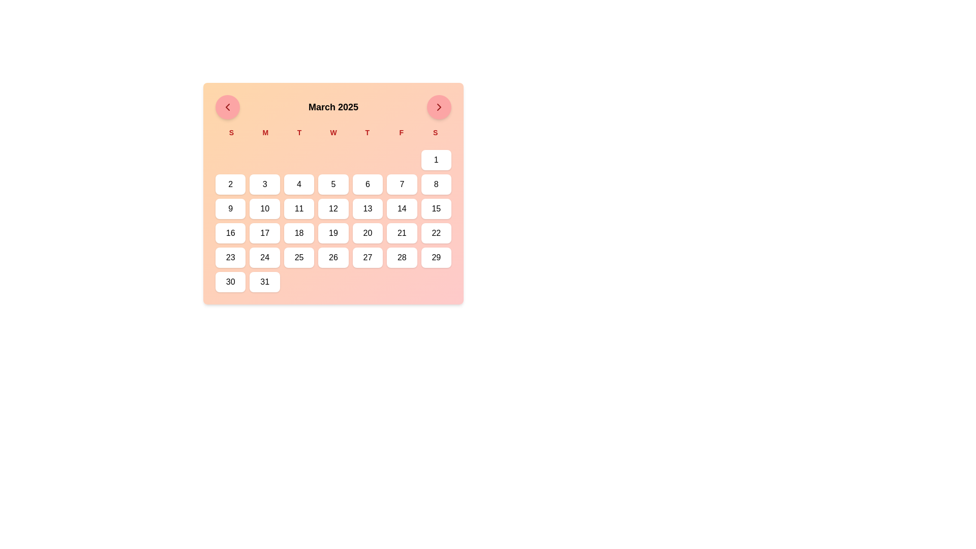 Image resolution: width=976 pixels, height=549 pixels. I want to click on the bold red uppercase letter 'T' in the top section of the calendar, which is the fifth item in the row of day initials, positioned between 'W' and 'F', so click(367, 132).